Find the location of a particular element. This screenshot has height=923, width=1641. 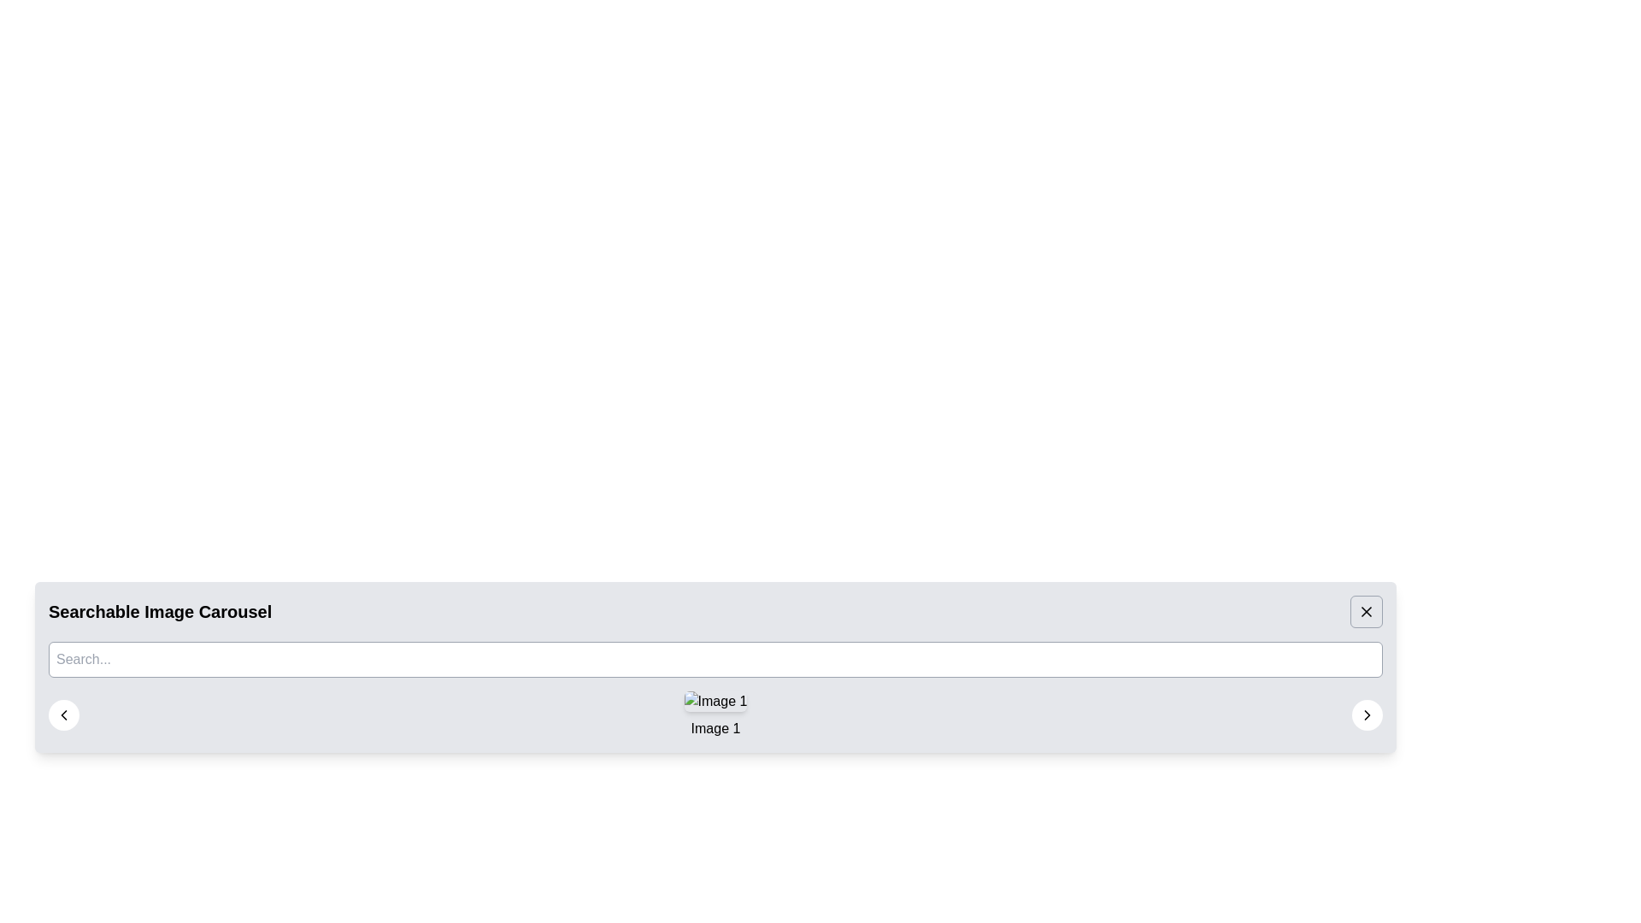

the right-side navigation button located at the bottom of the interface is located at coordinates (1366, 715).